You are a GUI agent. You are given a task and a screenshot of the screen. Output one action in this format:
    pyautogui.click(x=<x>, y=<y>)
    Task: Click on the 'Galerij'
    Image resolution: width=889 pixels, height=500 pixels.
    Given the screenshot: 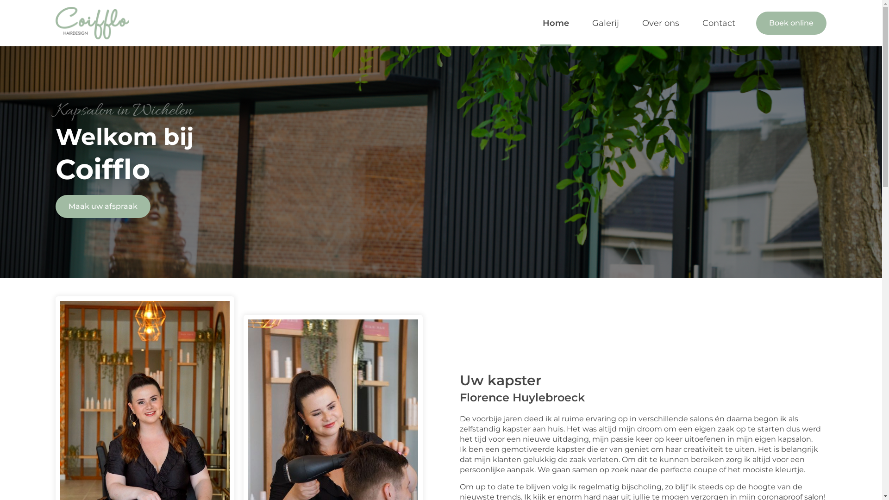 What is the action you would take?
    pyautogui.click(x=606, y=23)
    